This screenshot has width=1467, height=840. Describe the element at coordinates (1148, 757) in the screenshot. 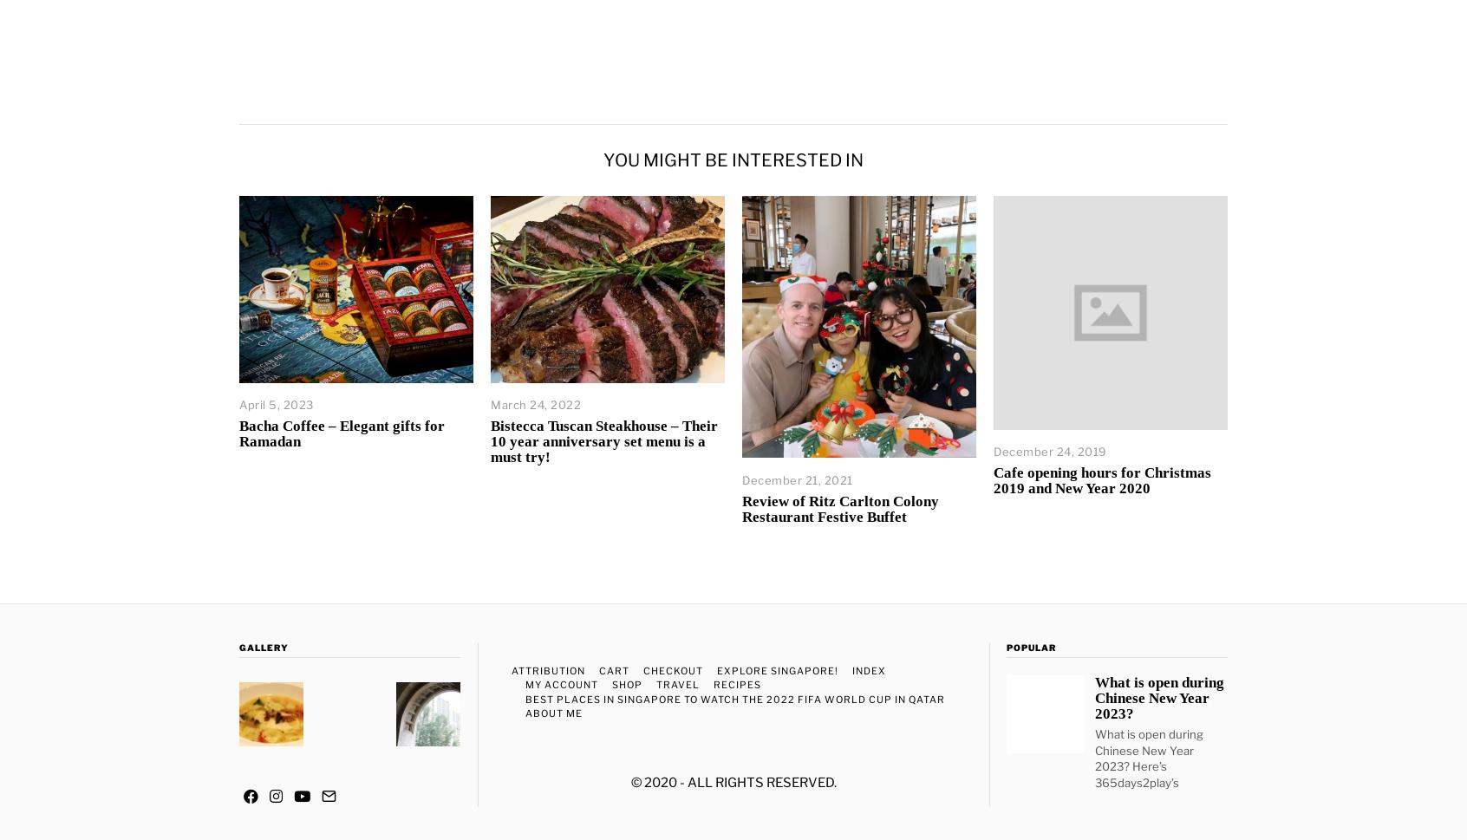

I see `'What is open during Chinese New Year 2023? Here’s 365days2play’s'` at that location.